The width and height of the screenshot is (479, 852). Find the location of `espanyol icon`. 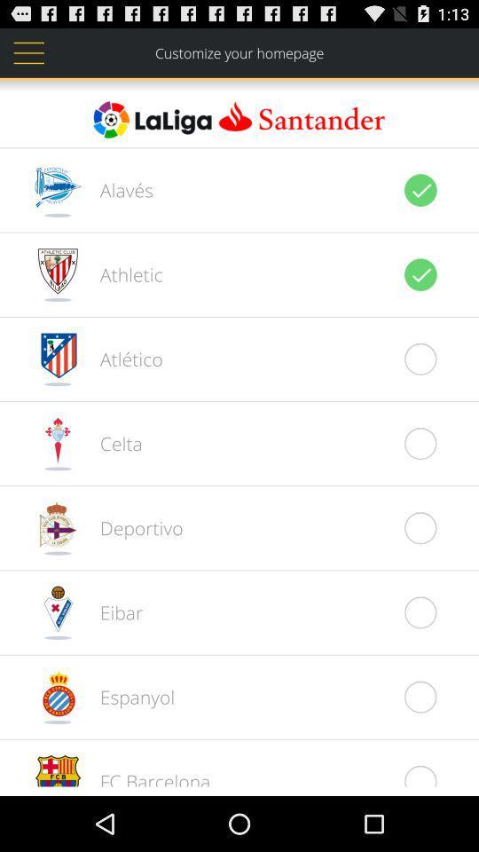

espanyol icon is located at coordinates (127, 697).